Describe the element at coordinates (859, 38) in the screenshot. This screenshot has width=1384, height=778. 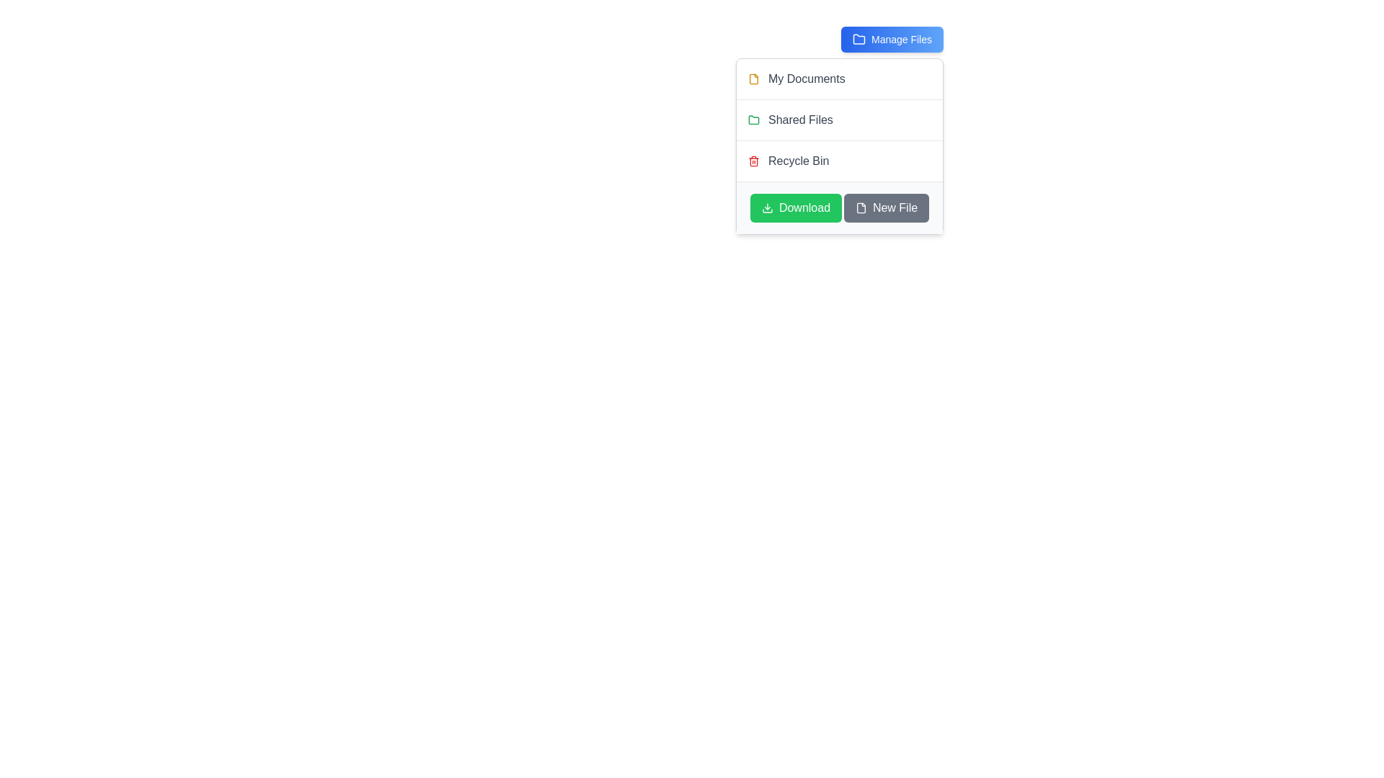
I see `the folder or file management icon located within the 'Manage Files' button in the top-right corner of the interface` at that location.